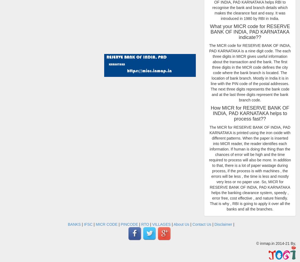  I want to click on 'BANKS', so click(74, 224).